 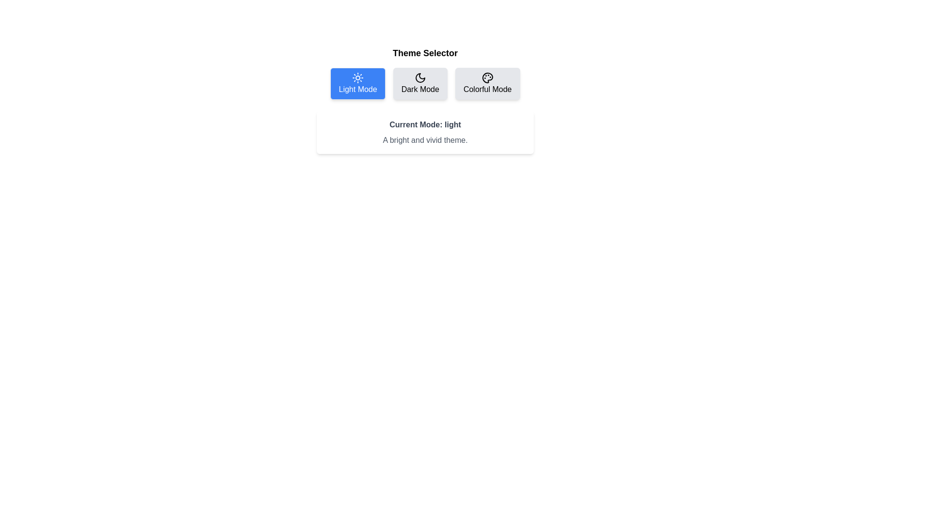 What do you see at coordinates (425, 140) in the screenshot?
I see `the text label displaying the phrase 'A bright and vivid theme.' which is located below the bold text 'Current Mode: light'` at bounding box center [425, 140].